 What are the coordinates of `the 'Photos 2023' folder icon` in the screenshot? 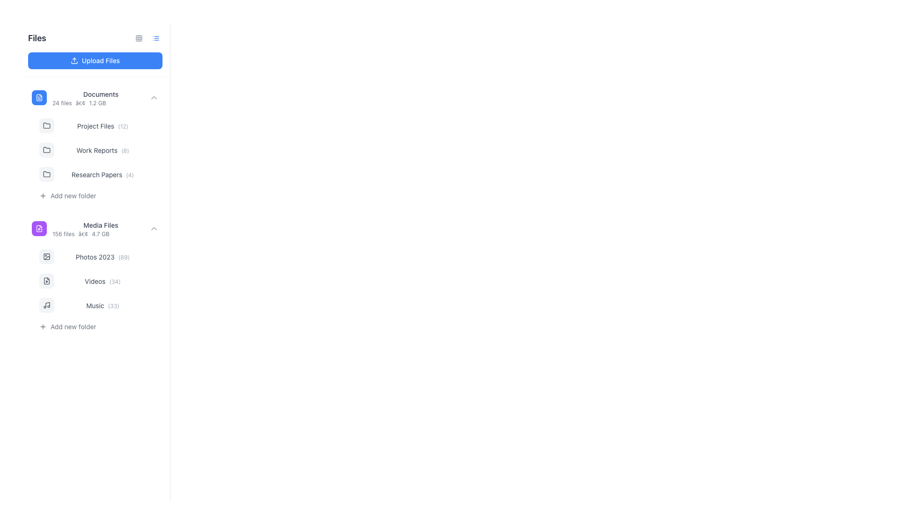 It's located at (46, 256).